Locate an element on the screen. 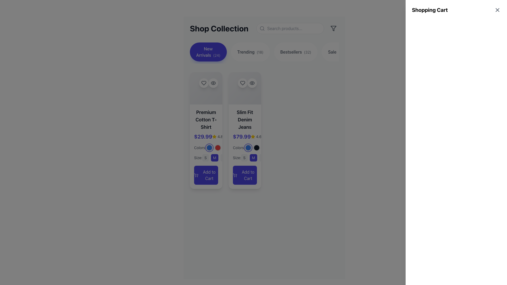 The width and height of the screenshot is (507, 285). the favorite button (heart icon) located in the top center of the second product card is located at coordinates (242, 83).